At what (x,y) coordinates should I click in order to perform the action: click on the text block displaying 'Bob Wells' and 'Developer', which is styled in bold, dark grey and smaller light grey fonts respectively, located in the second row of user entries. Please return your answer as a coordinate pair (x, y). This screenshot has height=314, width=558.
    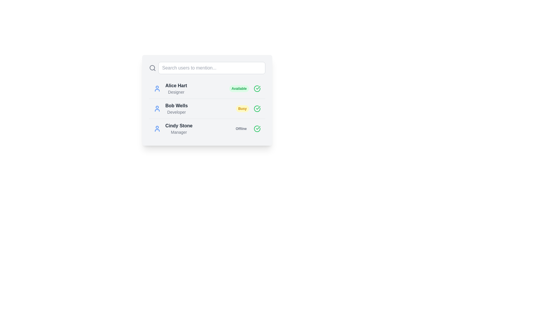
    Looking at the image, I should click on (176, 109).